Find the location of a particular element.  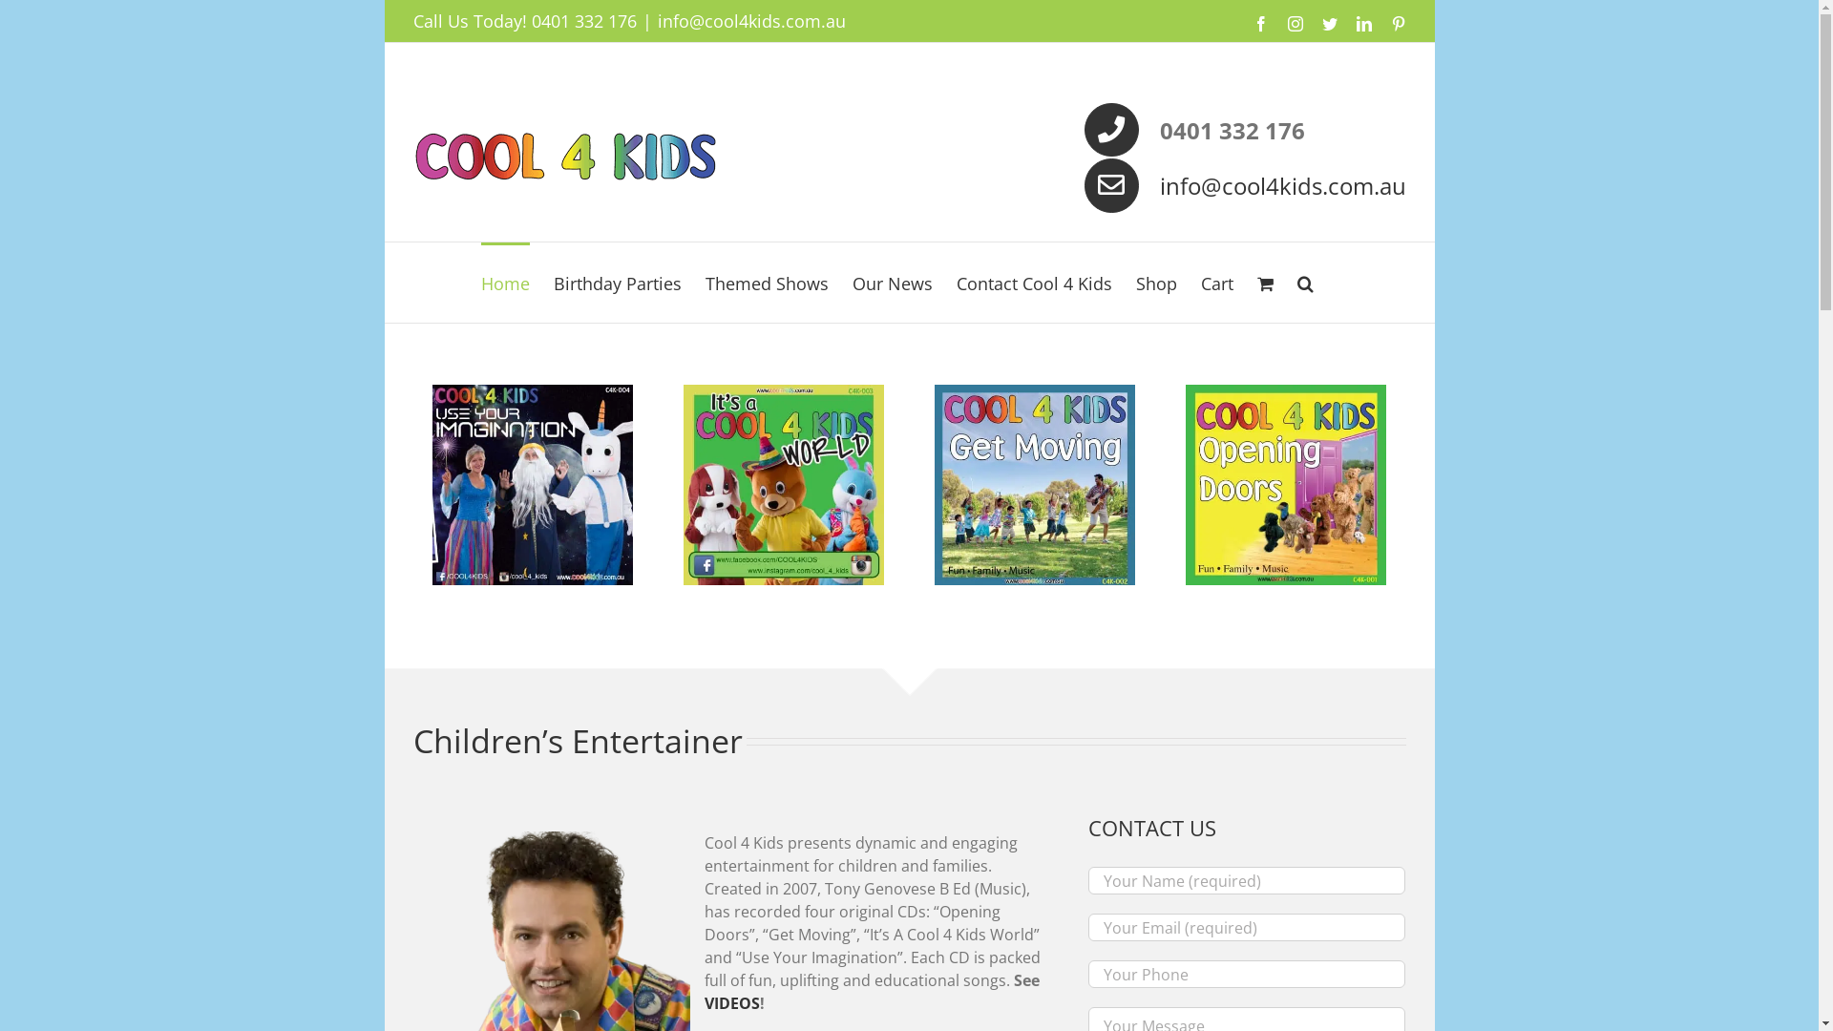

'Cart' is located at coordinates (1216, 283).